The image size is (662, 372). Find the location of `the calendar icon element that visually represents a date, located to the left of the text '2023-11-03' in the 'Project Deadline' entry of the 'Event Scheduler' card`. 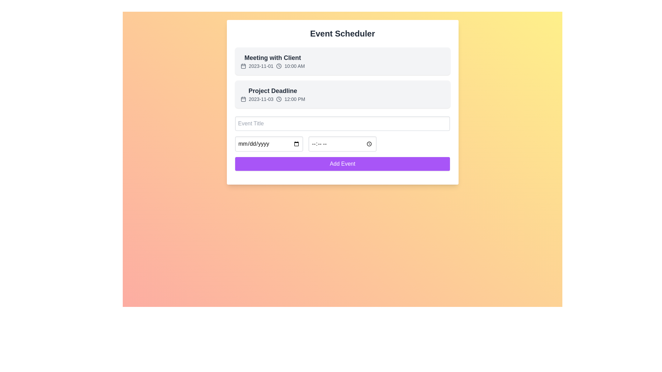

the calendar icon element that visually represents a date, located to the left of the text '2023-11-03' in the 'Project Deadline' entry of the 'Event Scheduler' card is located at coordinates (243, 99).